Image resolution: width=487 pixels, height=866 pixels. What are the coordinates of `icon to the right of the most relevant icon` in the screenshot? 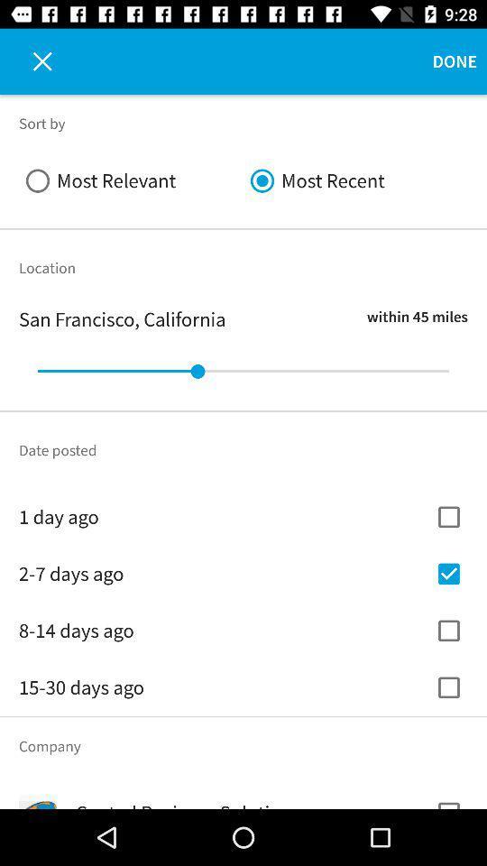 It's located at (355, 180).